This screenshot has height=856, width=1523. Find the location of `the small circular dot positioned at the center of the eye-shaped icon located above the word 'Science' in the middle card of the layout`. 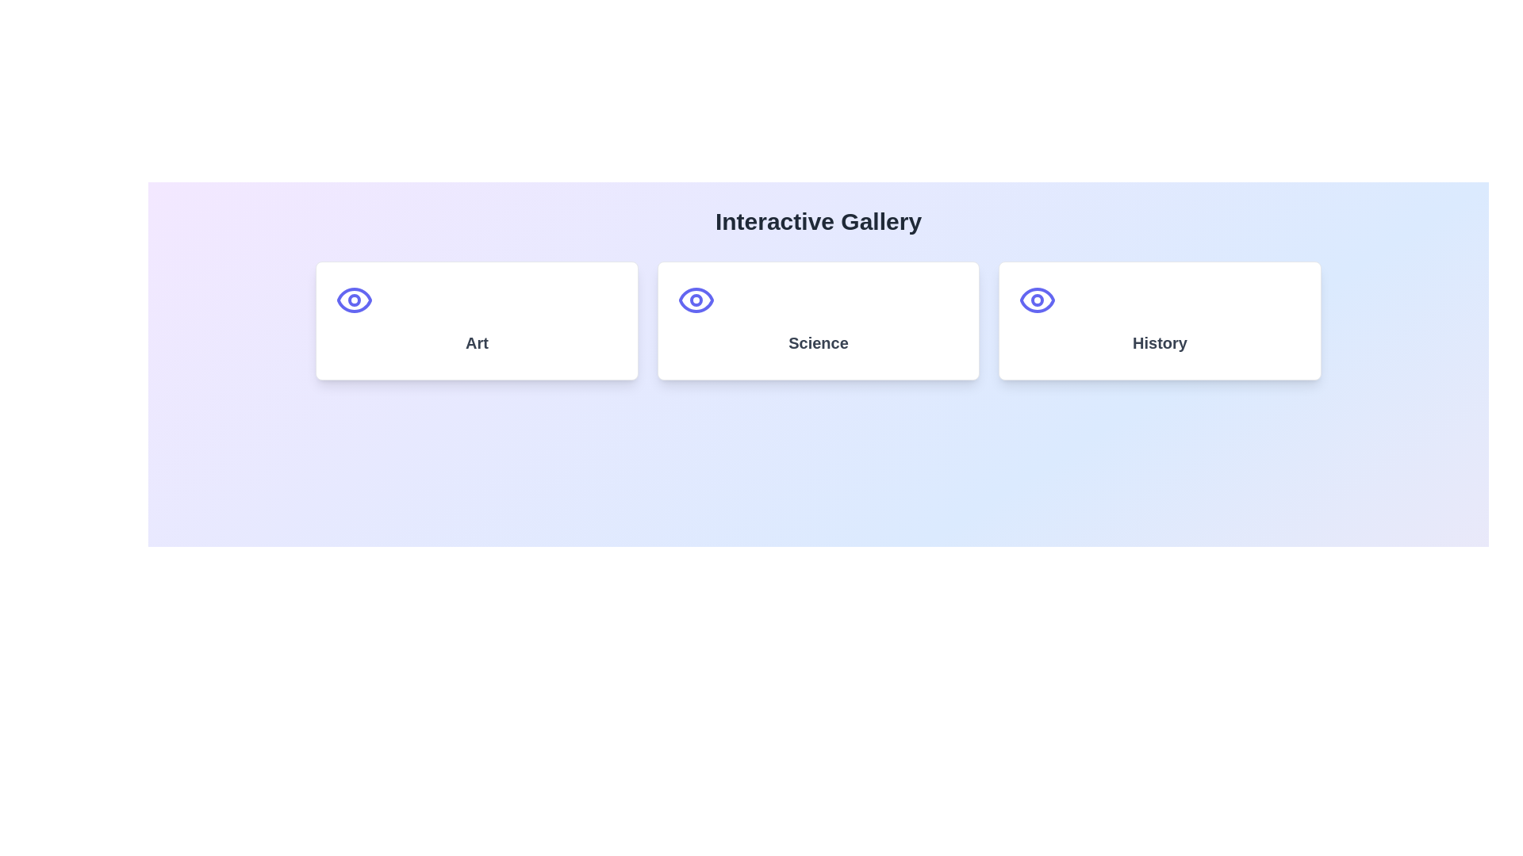

the small circular dot positioned at the center of the eye-shaped icon located above the word 'Science' in the middle card of the layout is located at coordinates (696, 300).